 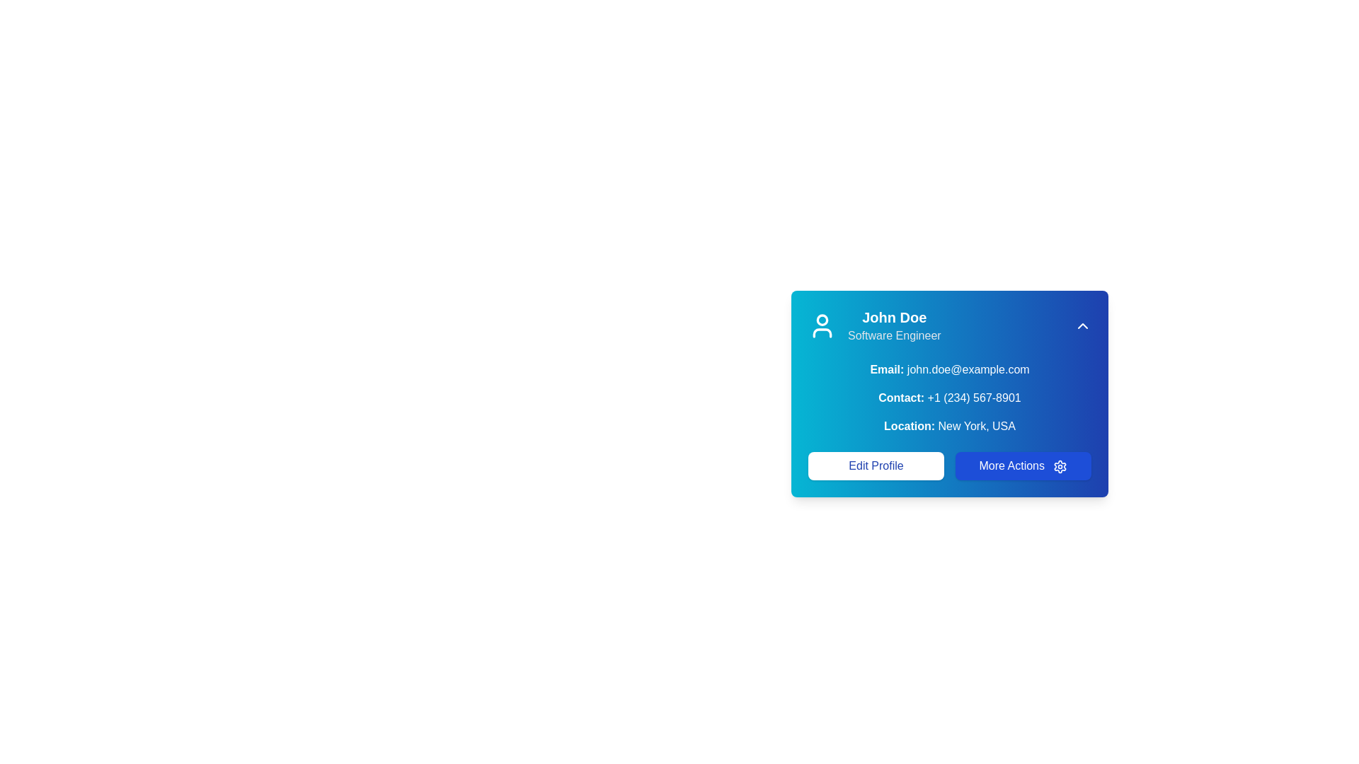 I want to click on the 'More Actions' button, which is a rectangular button with rounded corners, a blue background, and white text, located to the right of the 'Edit Profile' button, so click(x=1023, y=466).